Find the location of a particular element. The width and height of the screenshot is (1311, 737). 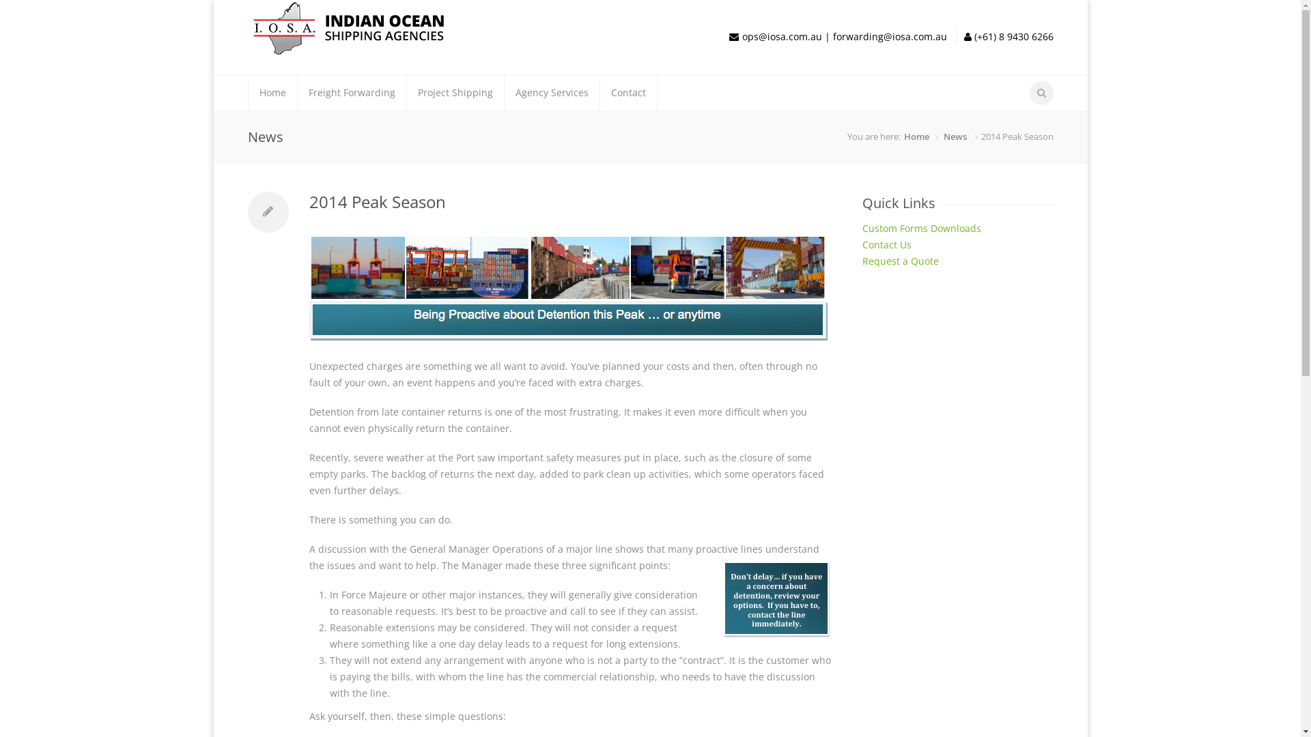

'Project Shipping' is located at coordinates (455, 92).